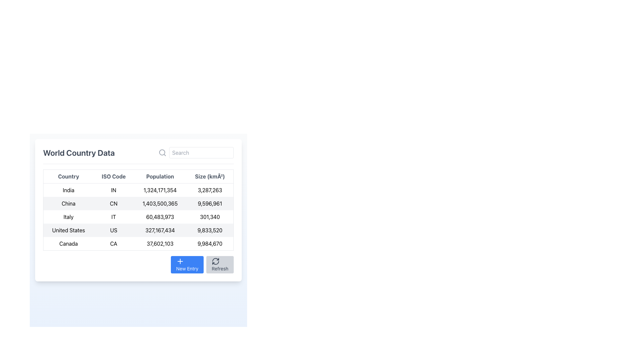 This screenshot has height=361, width=642. I want to click on the static text element displaying 'IN' in bold black color, located in the second column of the table row for 'India', positioned between 'India' and the population figure, so click(114, 190).